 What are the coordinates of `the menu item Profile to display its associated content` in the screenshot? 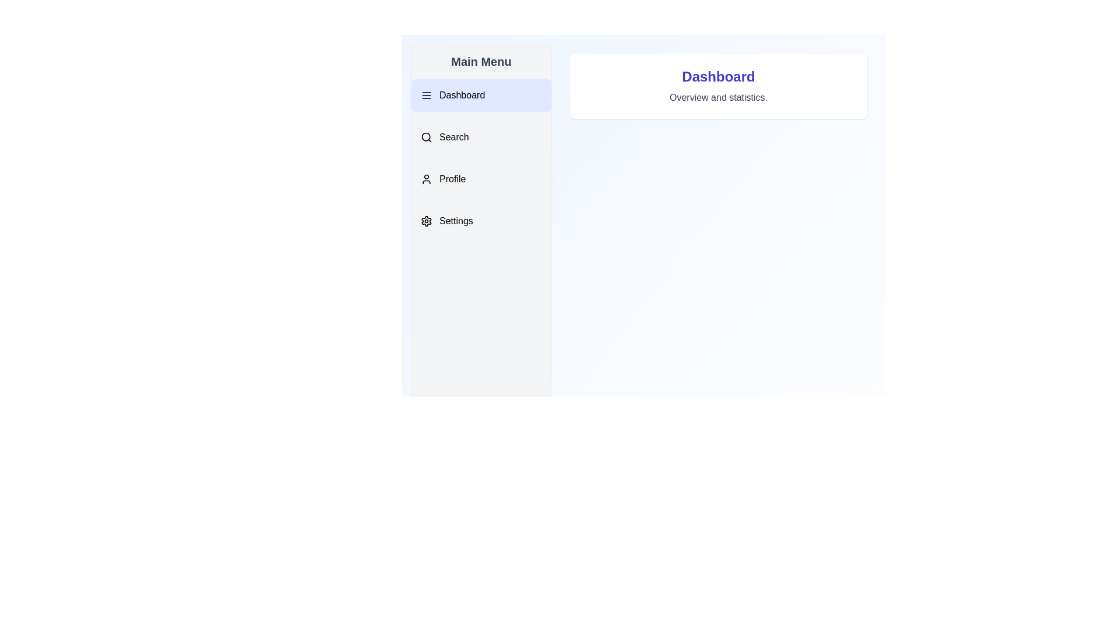 It's located at (481, 179).